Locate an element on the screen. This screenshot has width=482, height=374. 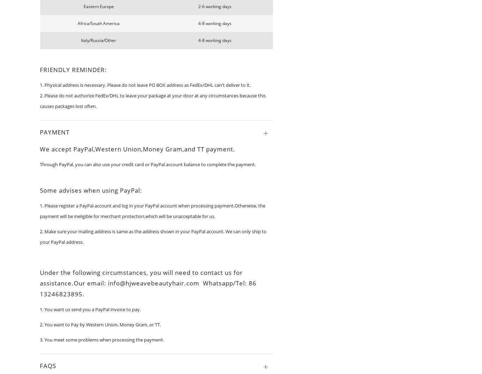
'Some advises when using PayPal:' is located at coordinates (40, 190).